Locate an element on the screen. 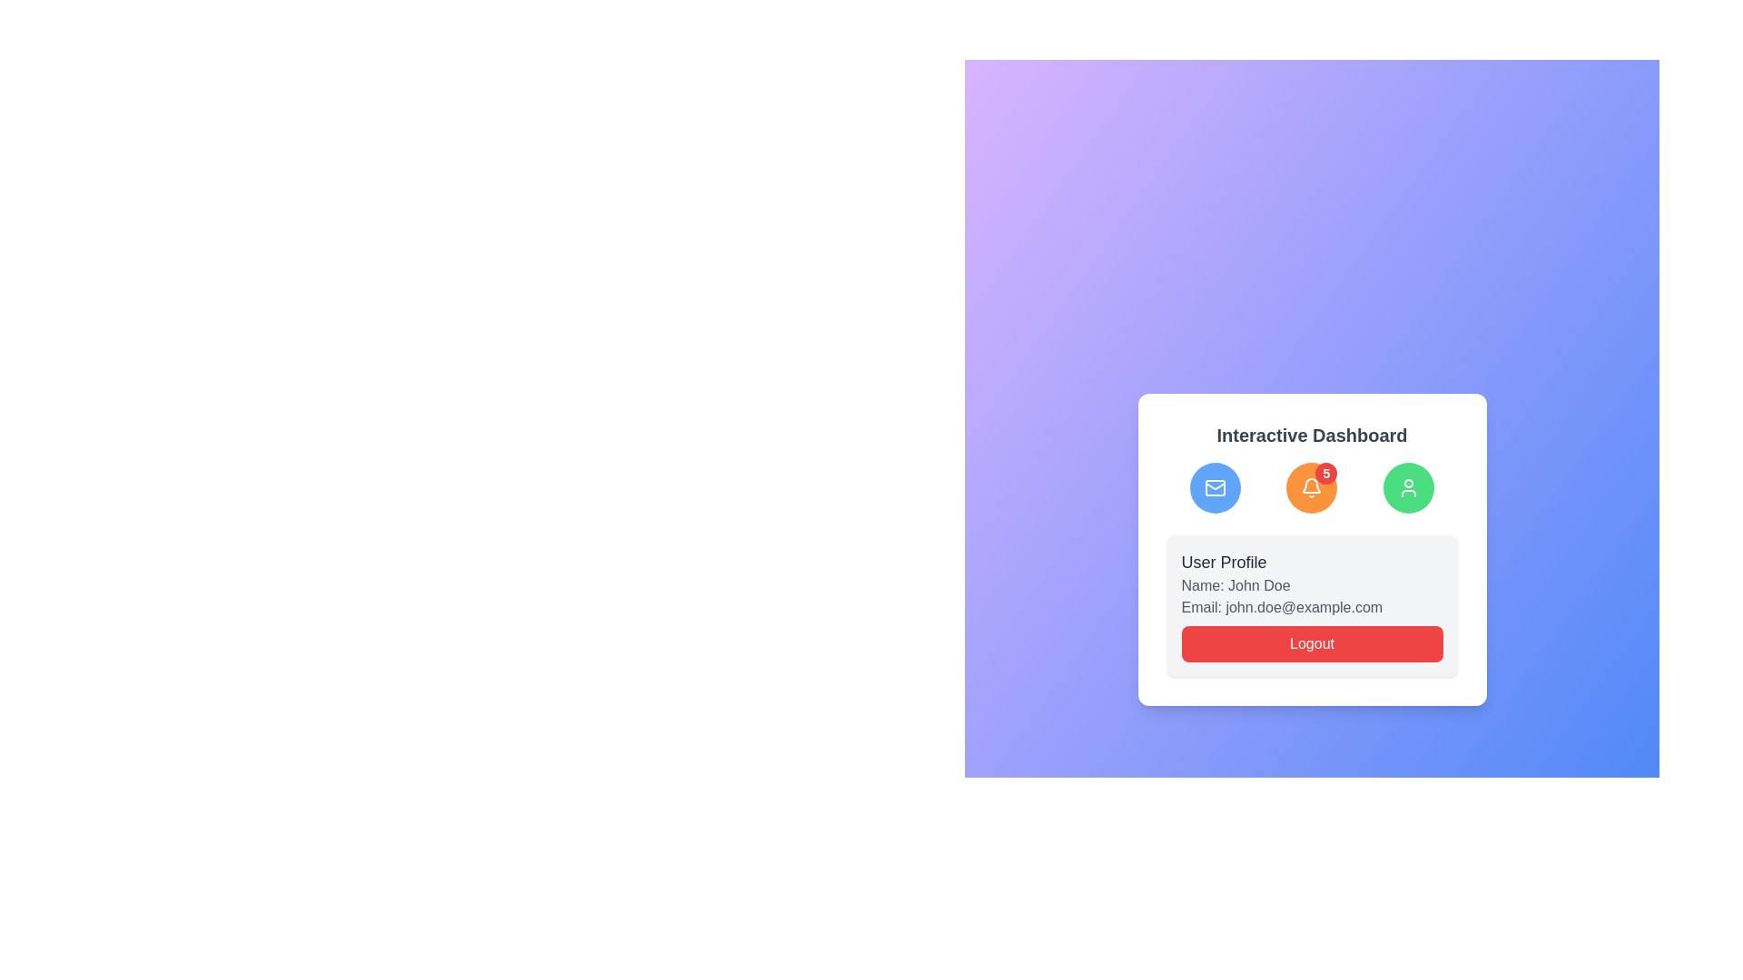 This screenshot has height=980, width=1743. the logout button located at the bottom of the user profile card, which follows the text elements showing the user's name and email address is located at coordinates (1312, 642).